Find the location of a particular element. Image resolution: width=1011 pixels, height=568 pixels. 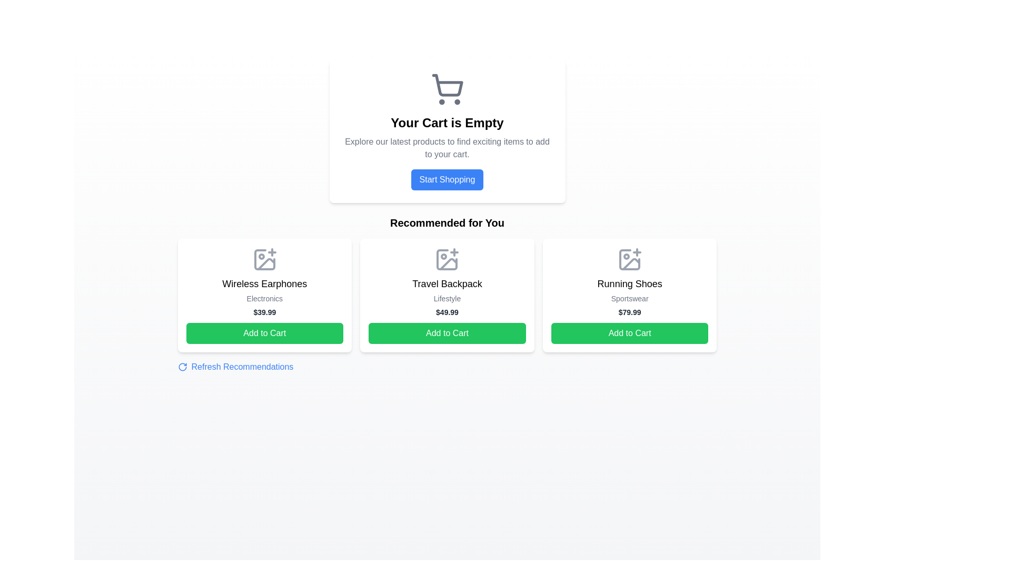

the 'Add to Cart' button with a vibrant green background located in the 'Recommended for You' section for the 'Travel Backpack' product to change its background color is located at coordinates (447, 333).